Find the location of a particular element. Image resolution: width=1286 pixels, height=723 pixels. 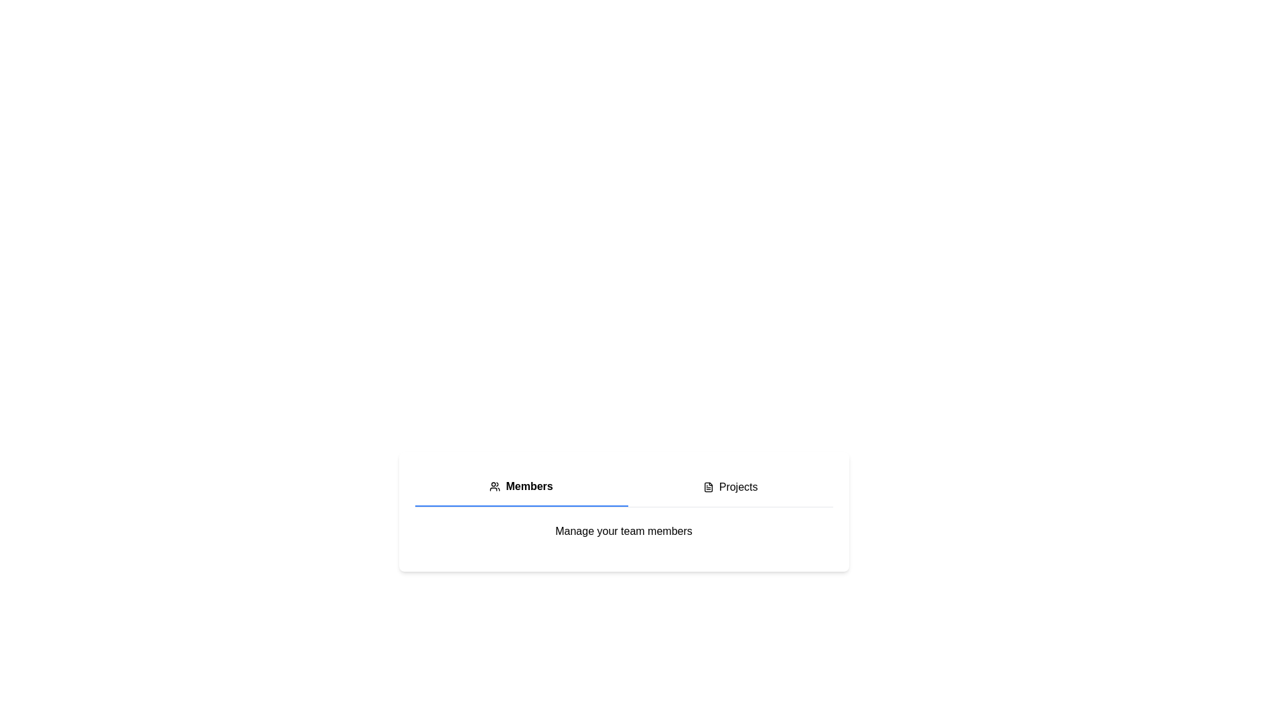

the 'Members' text label, which is styled in bold black font and located in the horizontal navigation bar is located at coordinates (528, 486).